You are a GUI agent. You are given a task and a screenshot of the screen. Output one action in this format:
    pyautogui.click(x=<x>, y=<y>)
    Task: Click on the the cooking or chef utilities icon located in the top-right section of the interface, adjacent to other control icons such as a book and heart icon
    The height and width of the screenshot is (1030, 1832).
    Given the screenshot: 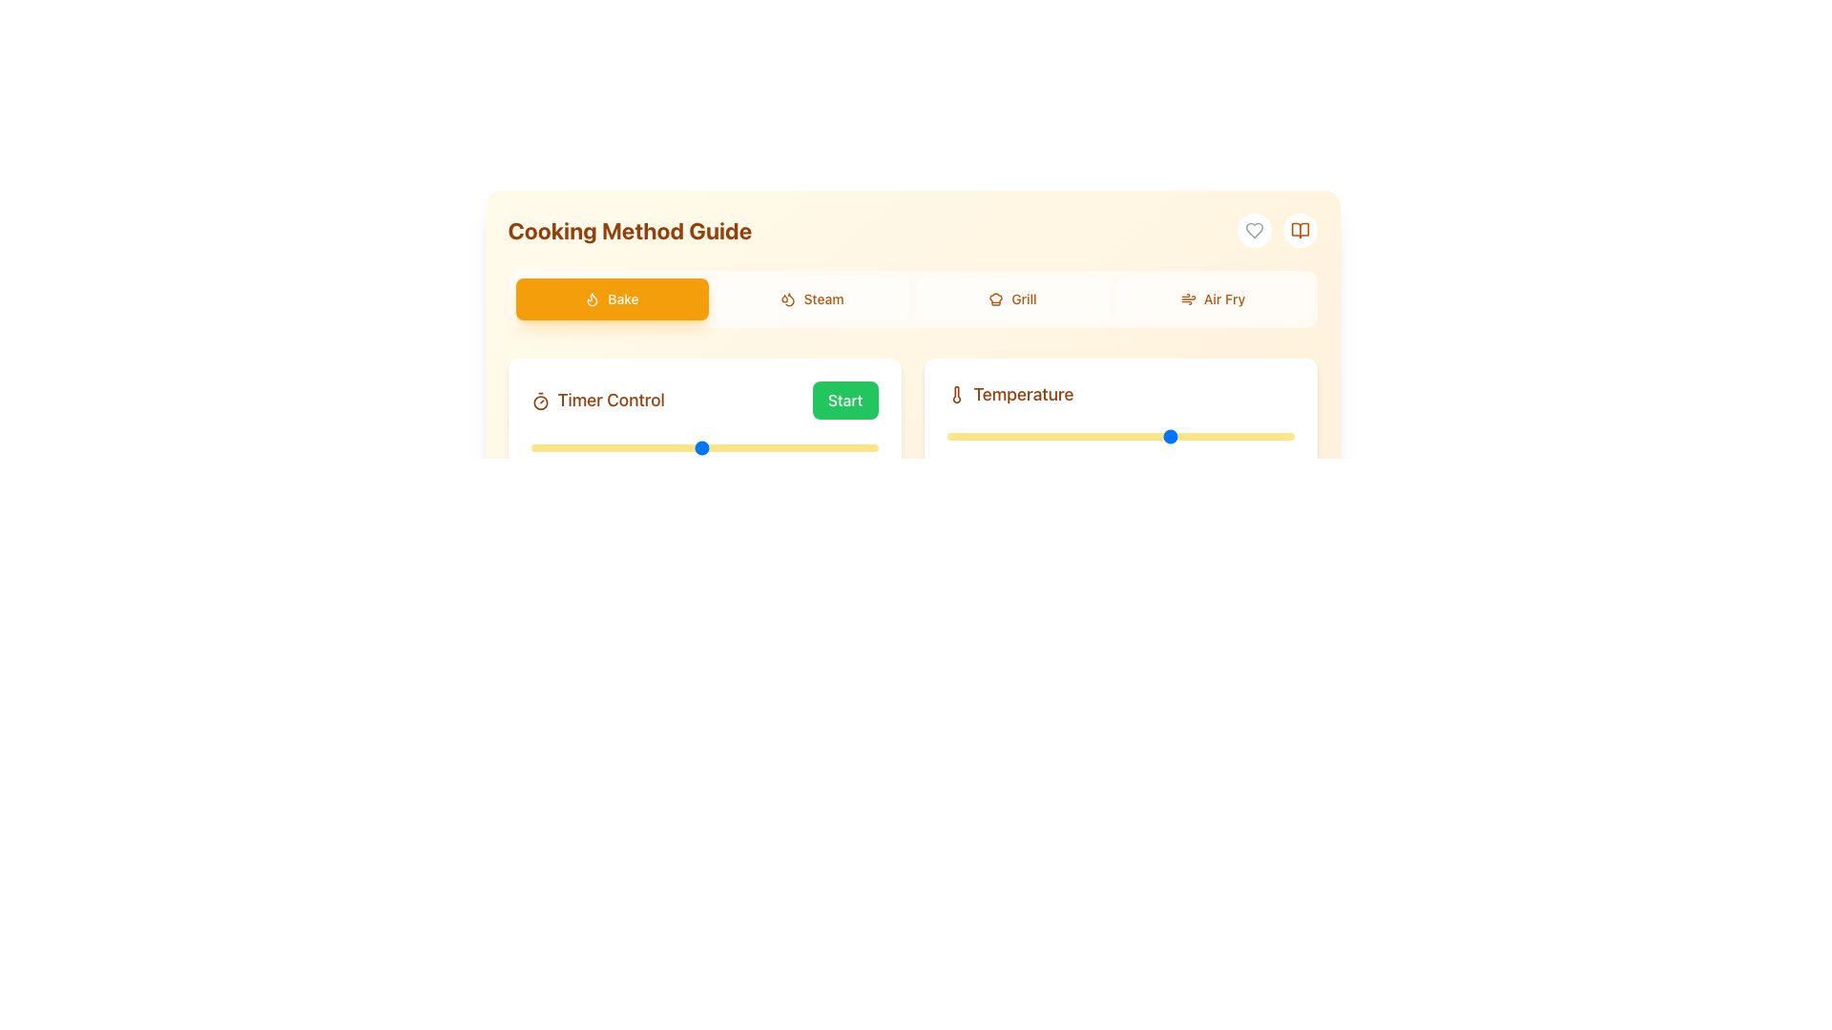 What is the action you would take?
    pyautogui.click(x=995, y=299)
    